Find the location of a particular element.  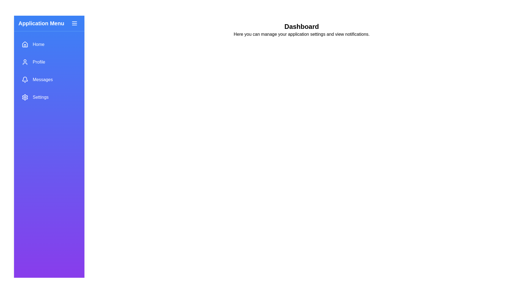

the static text element that reads 'Here you can manage your application settings and view notifications.', located beneath the bold heading 'Dashboard' is located at coordinates (301, 34).